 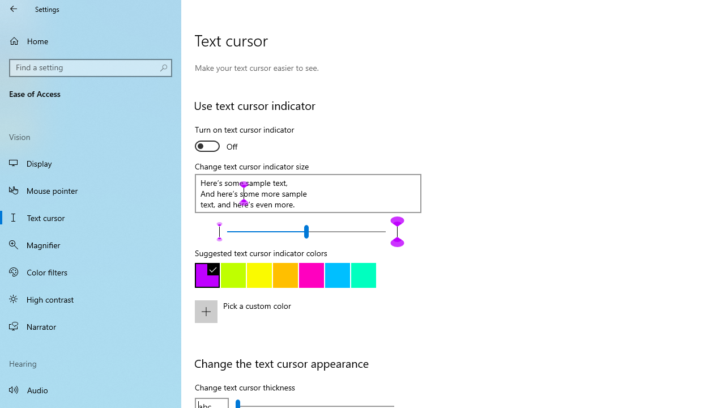 What do you see at coordinates (91, 271) in the screenshot?
I see `'Color filters'` at bounding box center [91, 271].